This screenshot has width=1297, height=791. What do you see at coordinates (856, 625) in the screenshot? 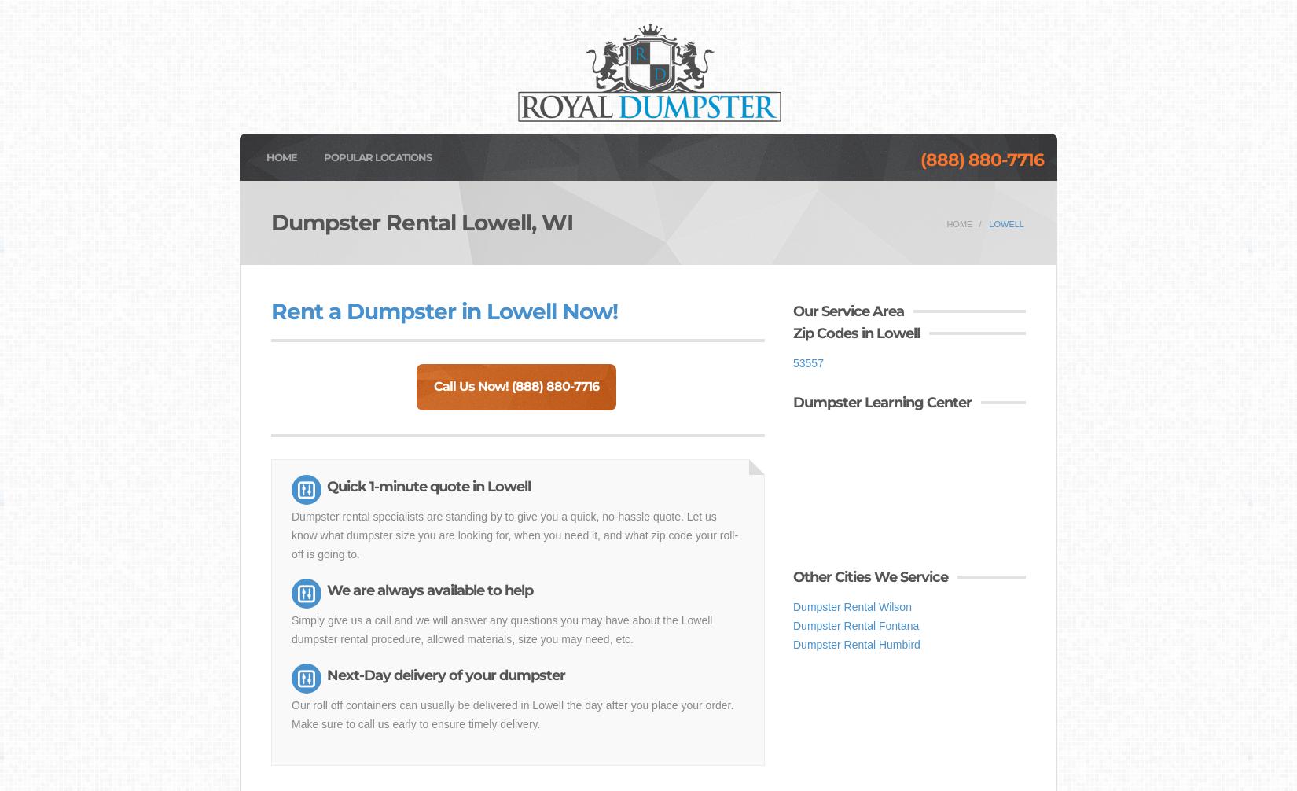
I see `'Dumpster Rental Fontana'` at bounding box center [856, 625].